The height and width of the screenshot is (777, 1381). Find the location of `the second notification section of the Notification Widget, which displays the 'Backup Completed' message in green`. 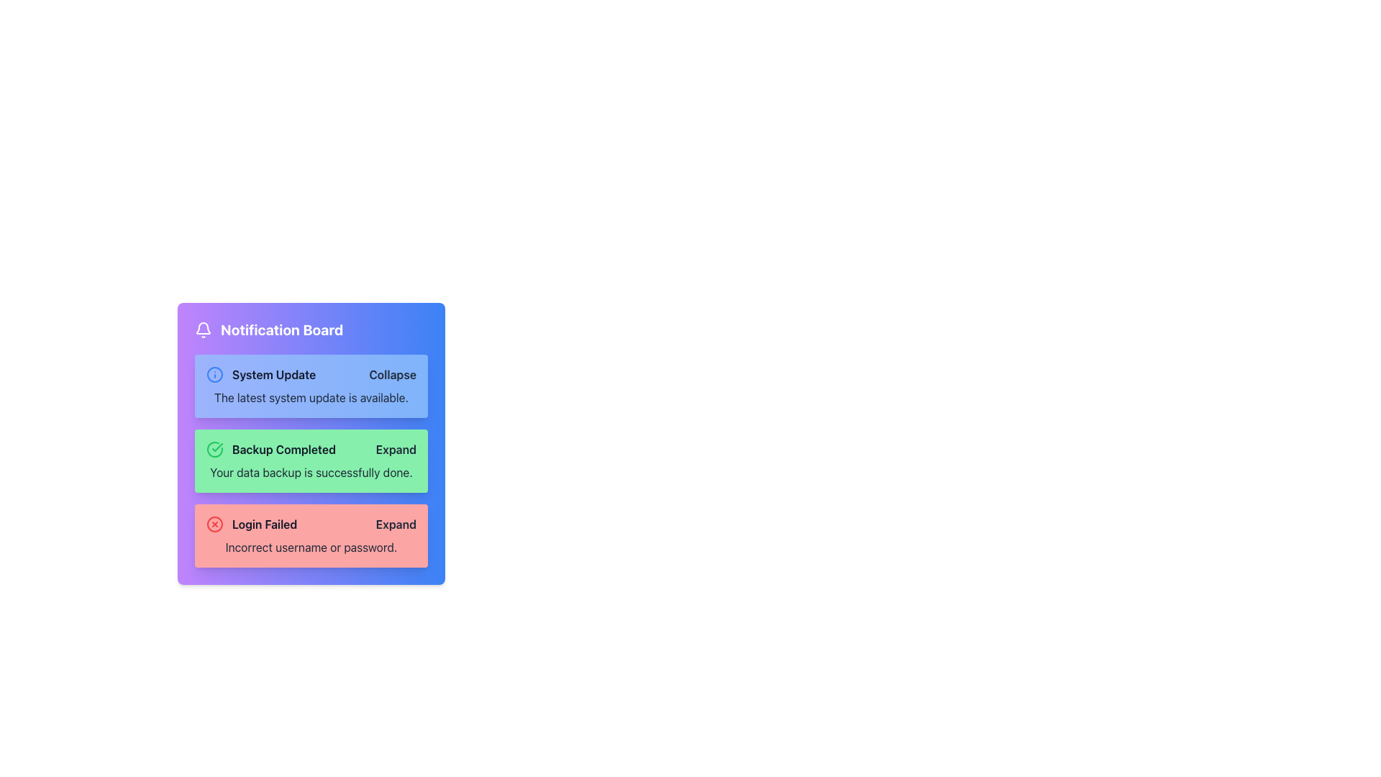

the second notification section of the Notification Widget, which displays the 'Backup Completed' message in green is located at coordinates (310, 443).